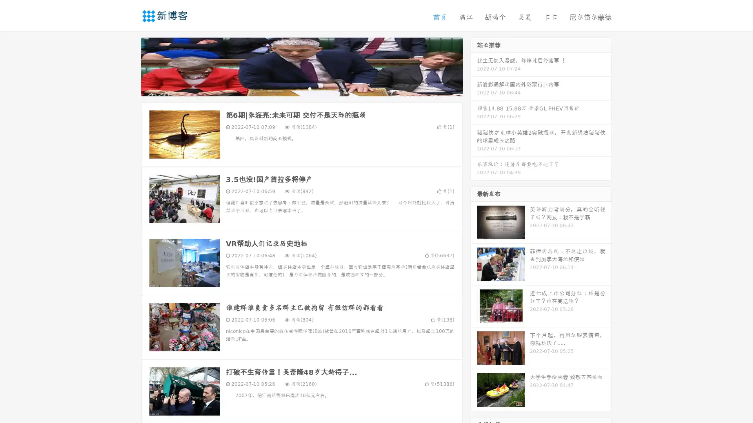 This screenshot has width=753, height=423. What do you see at coordinates (293, 88) in the screenshot?
I see `Go to slide 1` at bounding box center [293, 88].